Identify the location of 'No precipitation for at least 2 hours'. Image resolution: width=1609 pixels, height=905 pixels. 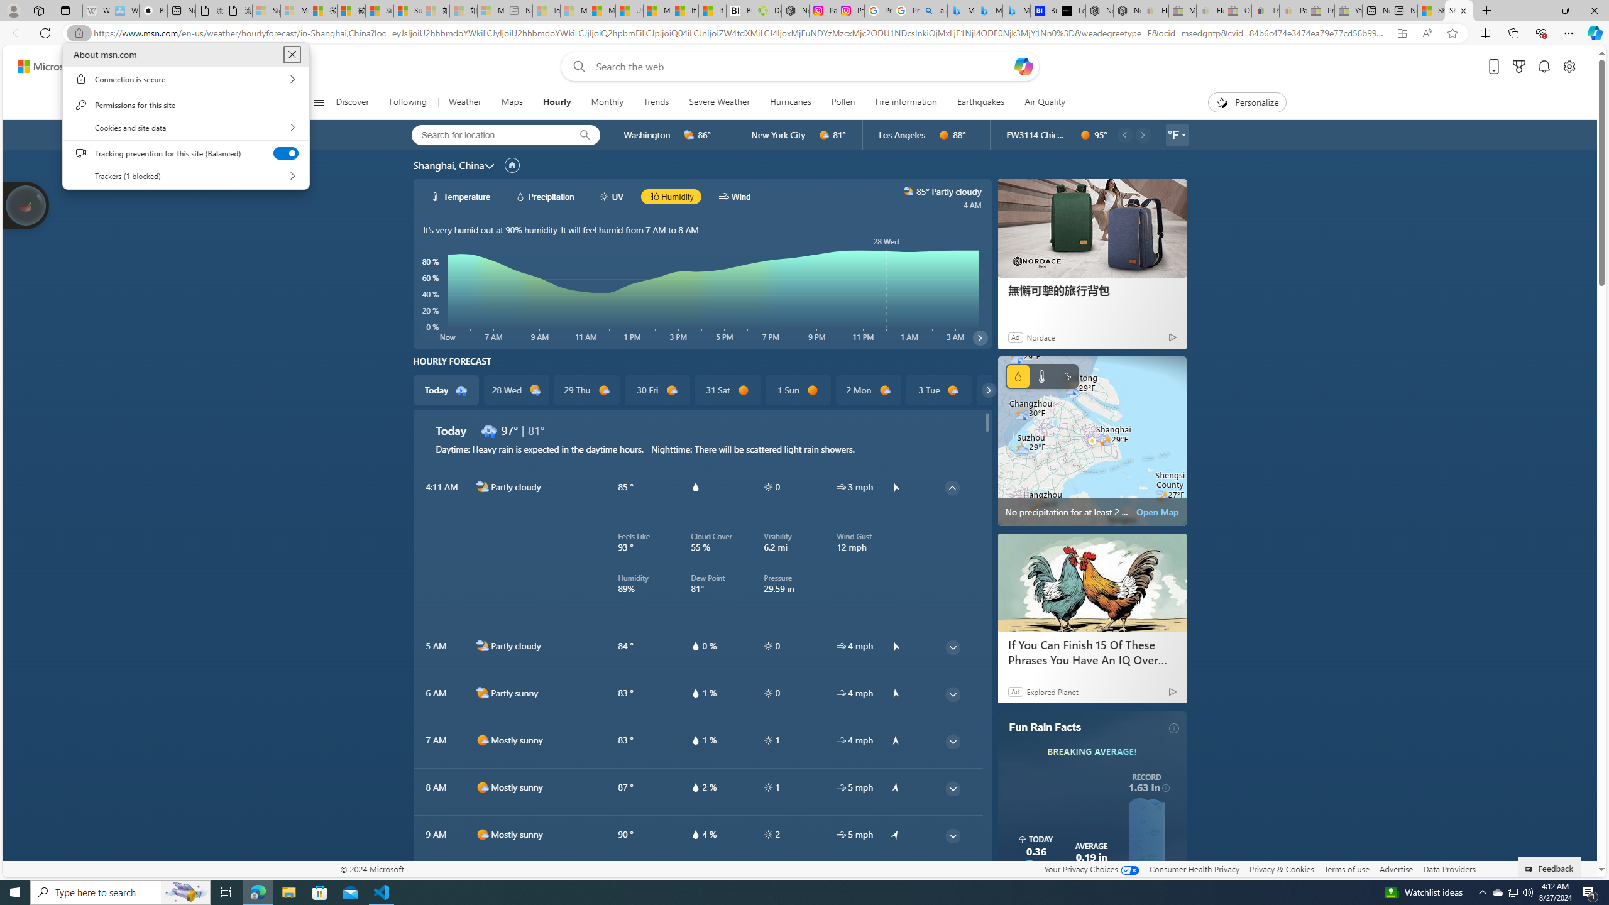
(1092, 441).